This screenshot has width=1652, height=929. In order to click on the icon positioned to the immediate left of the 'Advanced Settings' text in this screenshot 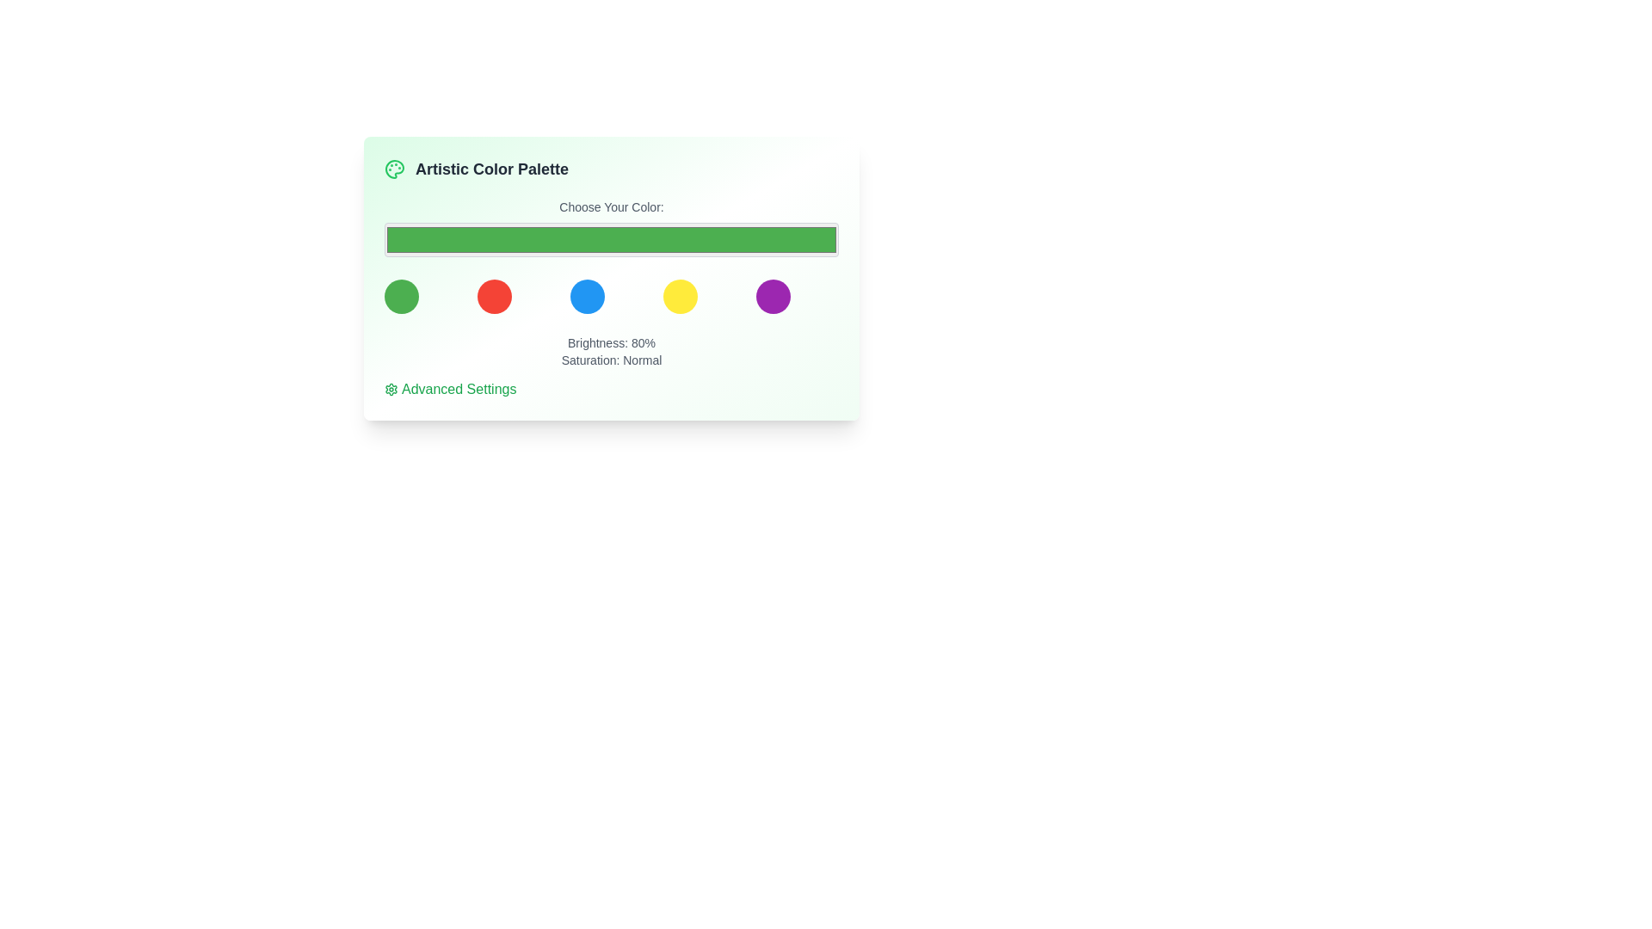, I will do `click(391, 389)`.